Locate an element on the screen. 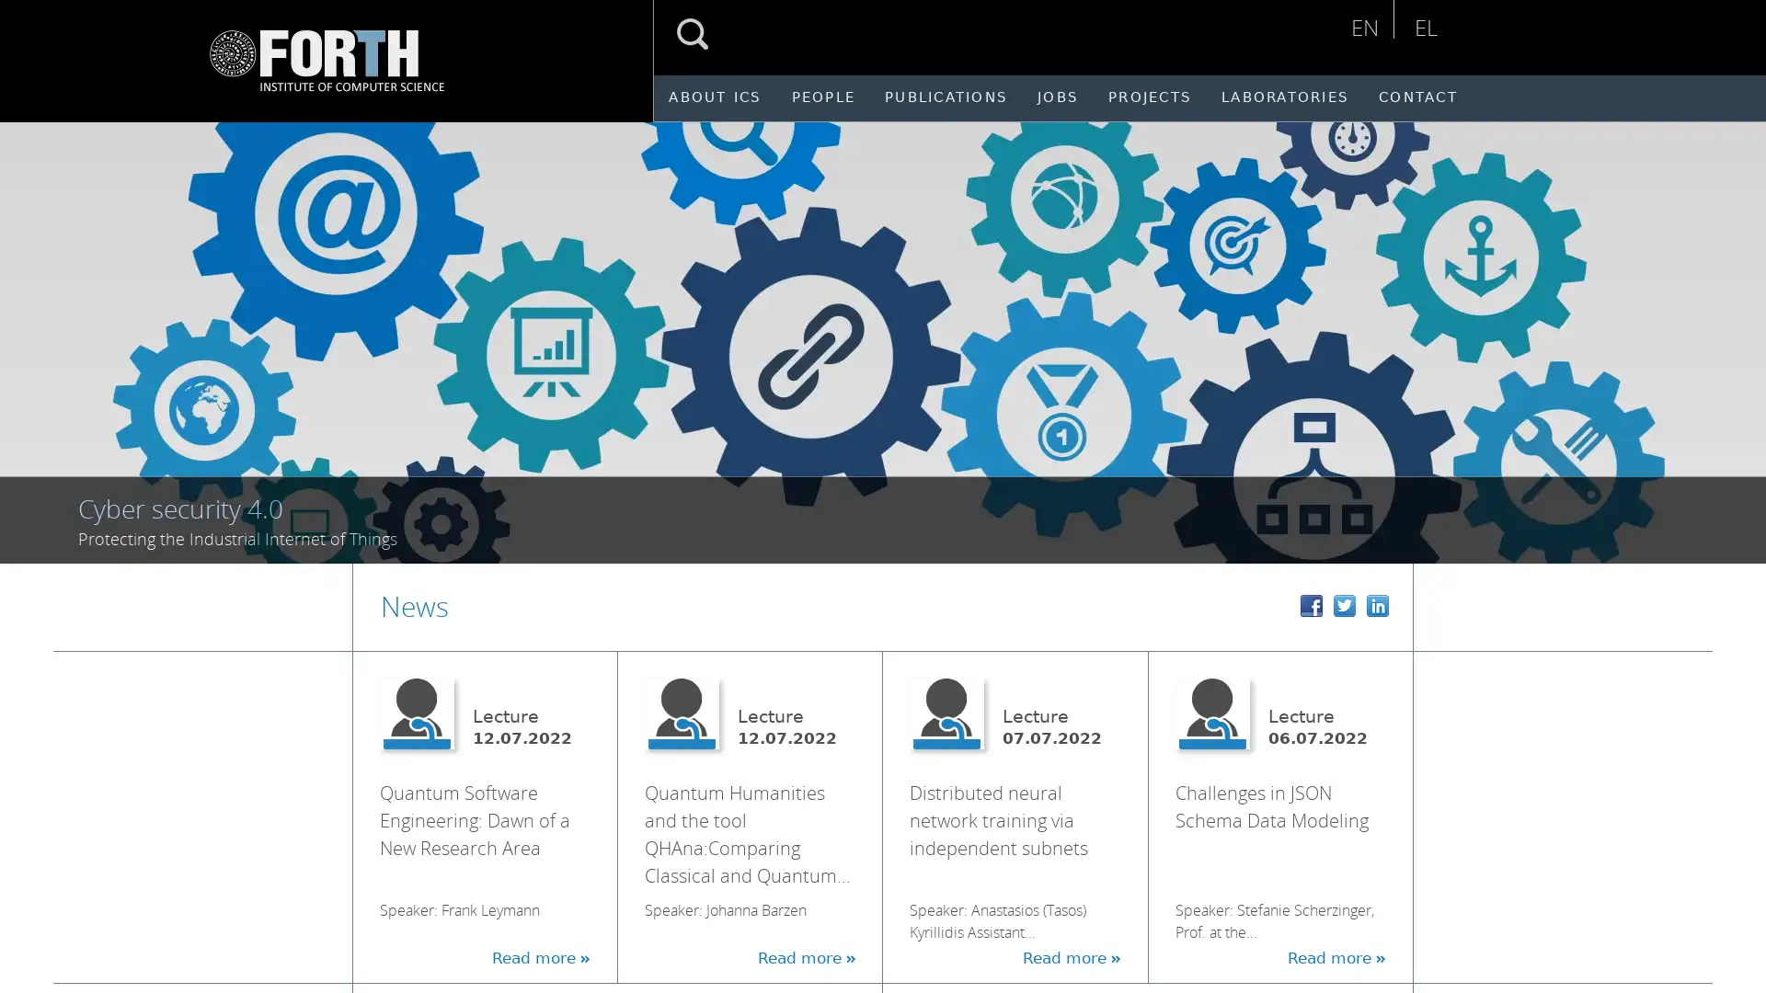  Submit Search Button is located at coordinates (692, 34).